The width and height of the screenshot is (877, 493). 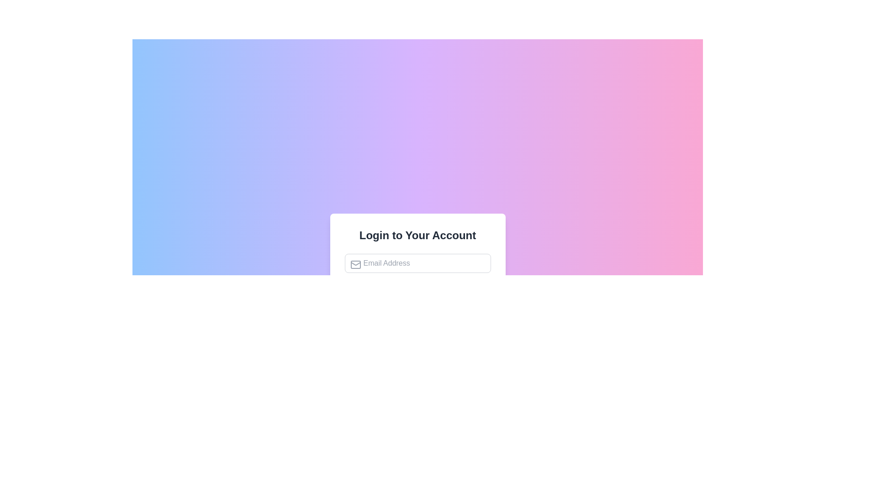 What do you see at coordinates (355, 264) in the screenshot?
I see `the email input field icon located to the left of the email input field within the login form, which serves as a visual representation aiding users in identifying its purpose` at bounding box center [355, 264].